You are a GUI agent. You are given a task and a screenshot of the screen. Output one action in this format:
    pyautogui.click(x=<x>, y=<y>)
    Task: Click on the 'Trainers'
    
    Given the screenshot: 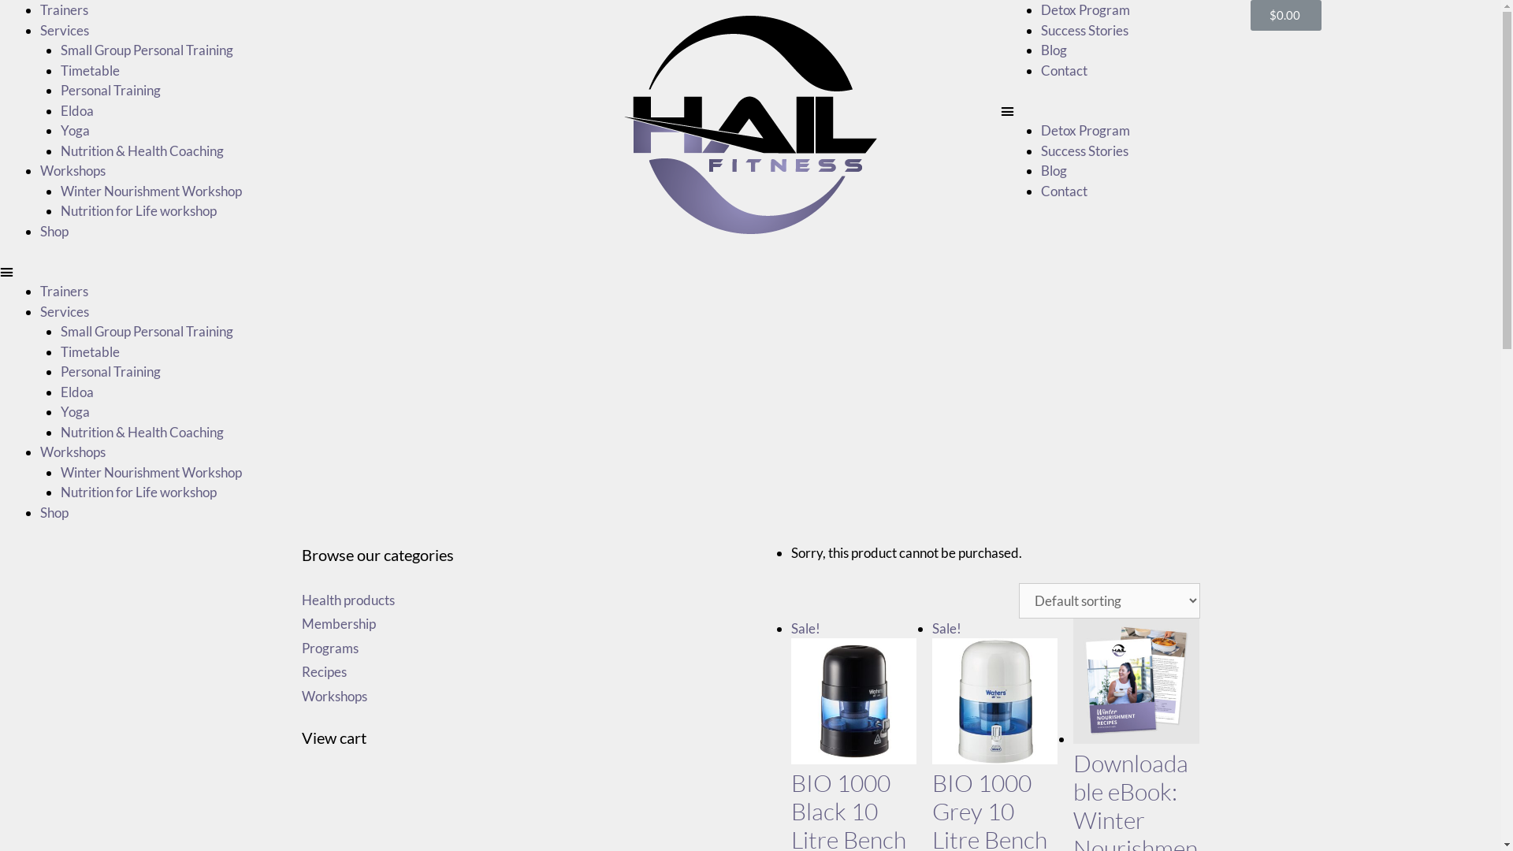 What is the action you would take?
    pyautogui.click(x=63, y=291)
    